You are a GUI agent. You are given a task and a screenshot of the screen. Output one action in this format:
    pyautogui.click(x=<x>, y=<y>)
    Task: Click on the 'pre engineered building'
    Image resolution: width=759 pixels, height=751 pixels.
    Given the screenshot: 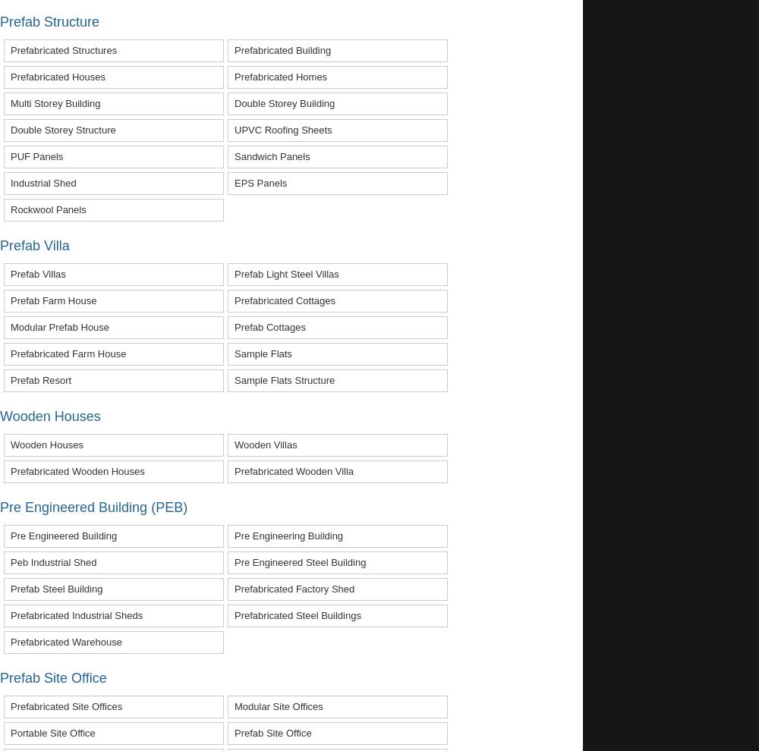 What is the action you would take?
    pyautogui.click(x=63, y=534)
    